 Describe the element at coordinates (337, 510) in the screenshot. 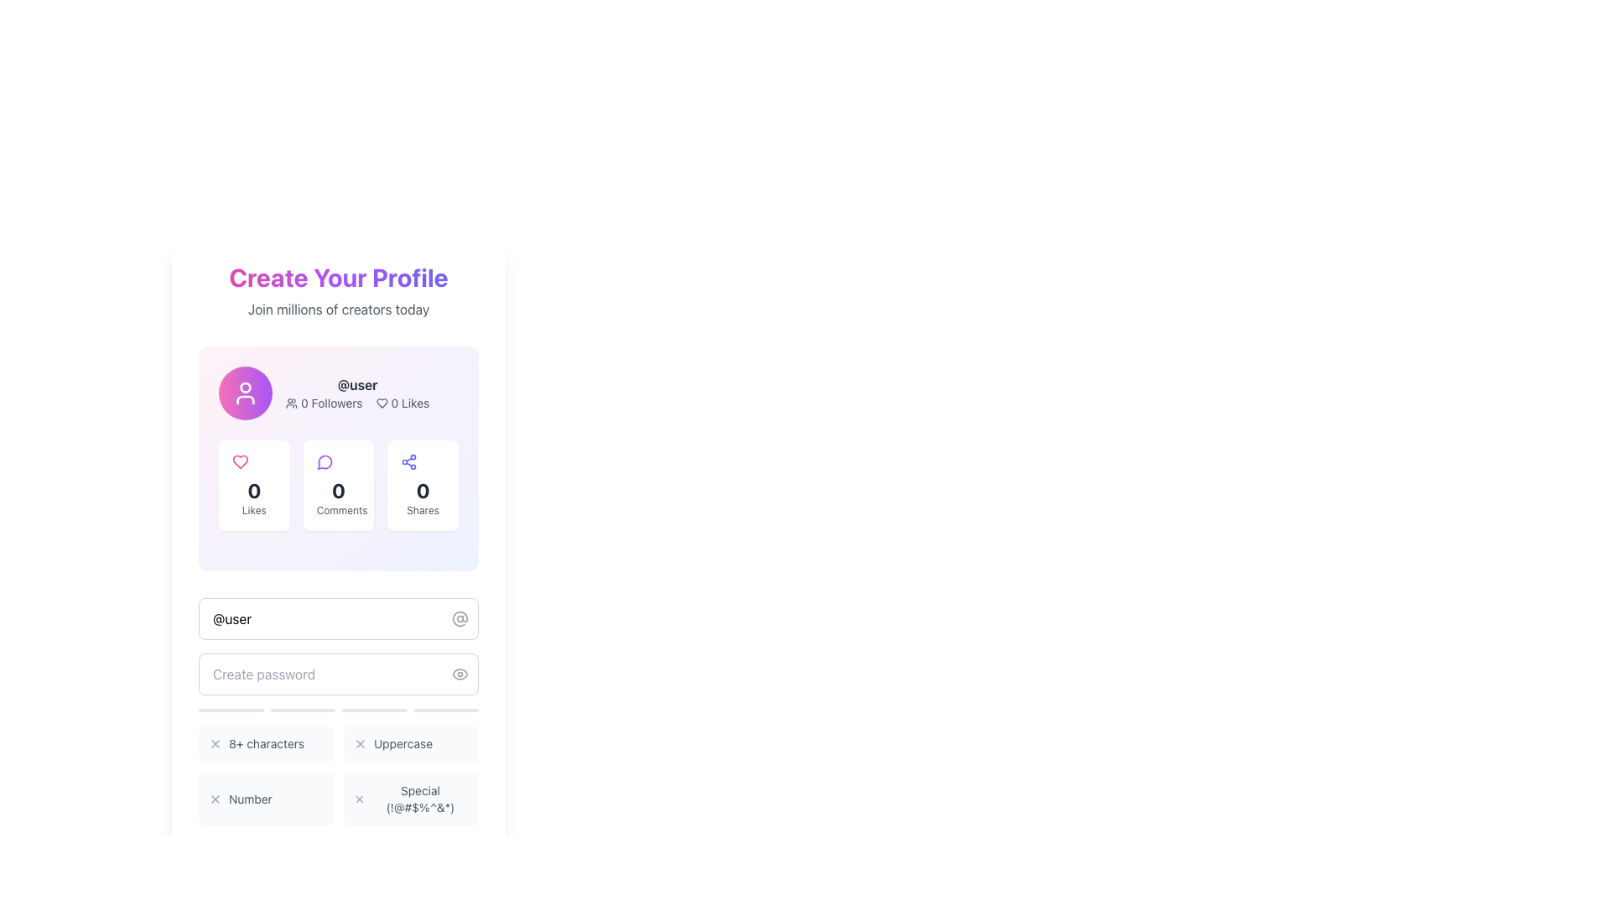

I see `the text label that indicates the count of comments, located at the bottom of the central card in a grid of cards` at that location.